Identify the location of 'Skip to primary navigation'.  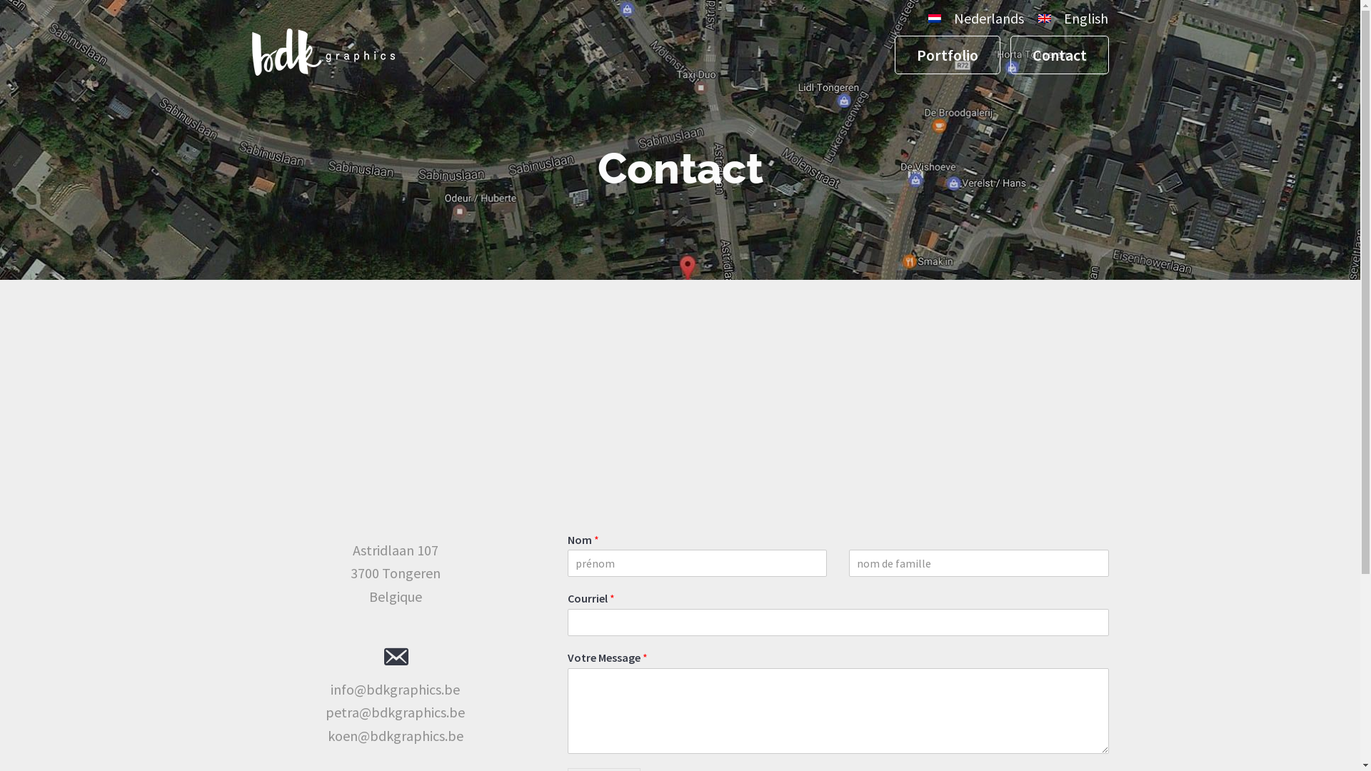
(0, 0).